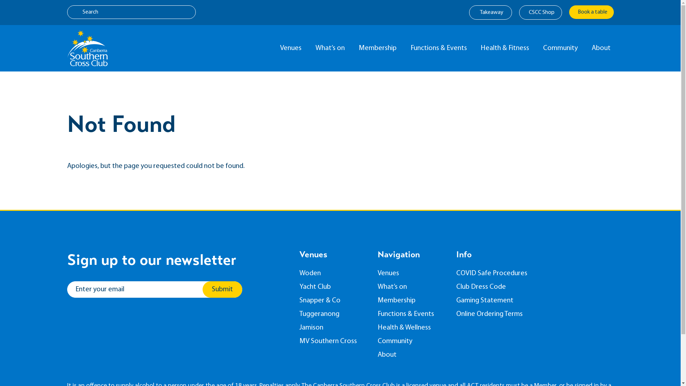 The height and width of the screenshot is (386, 686). I want to click on 'Functions & Events', so click(439, 48).